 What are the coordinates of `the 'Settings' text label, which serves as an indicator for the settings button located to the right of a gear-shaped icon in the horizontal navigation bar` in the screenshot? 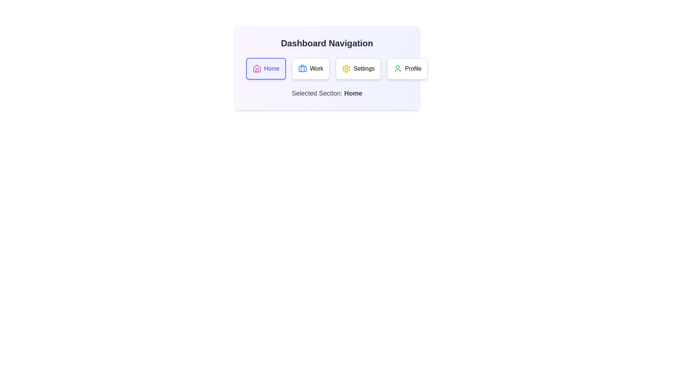 It's located at (364, 68).